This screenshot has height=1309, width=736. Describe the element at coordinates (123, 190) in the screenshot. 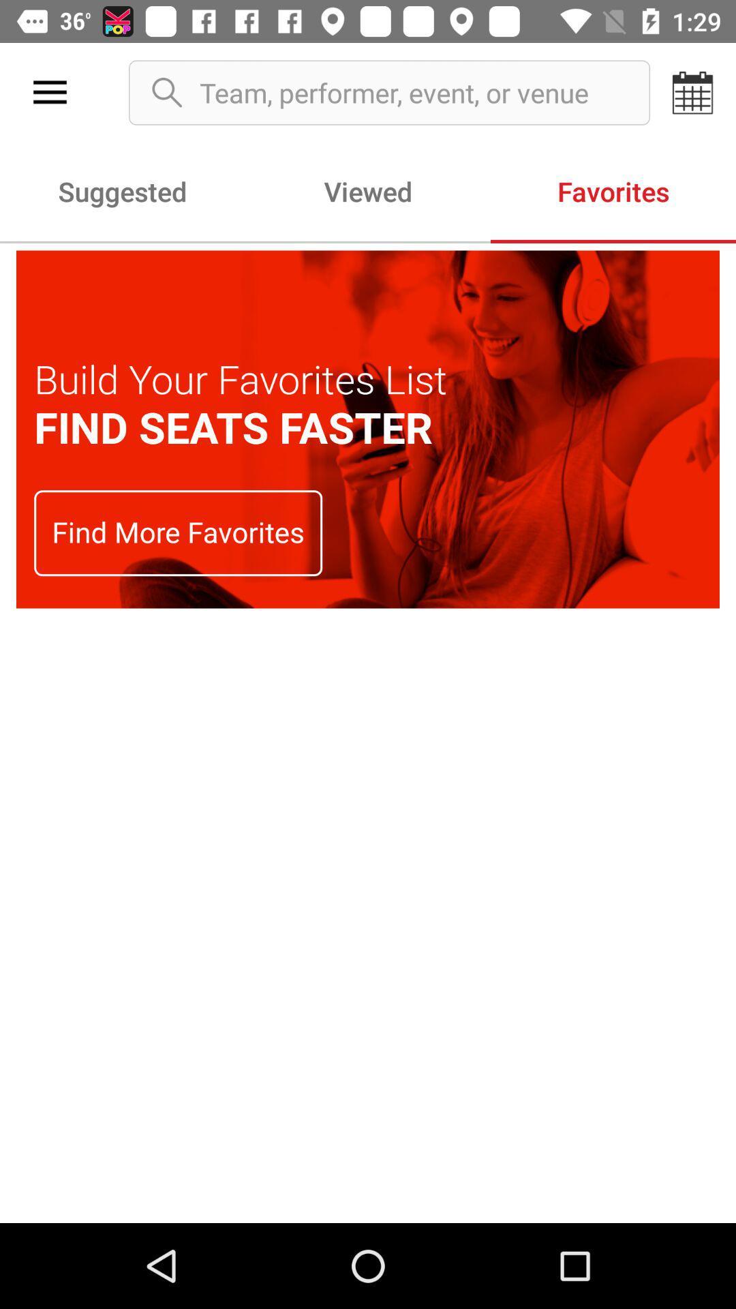

I see `the icon to the left of viewed icon` at that location.